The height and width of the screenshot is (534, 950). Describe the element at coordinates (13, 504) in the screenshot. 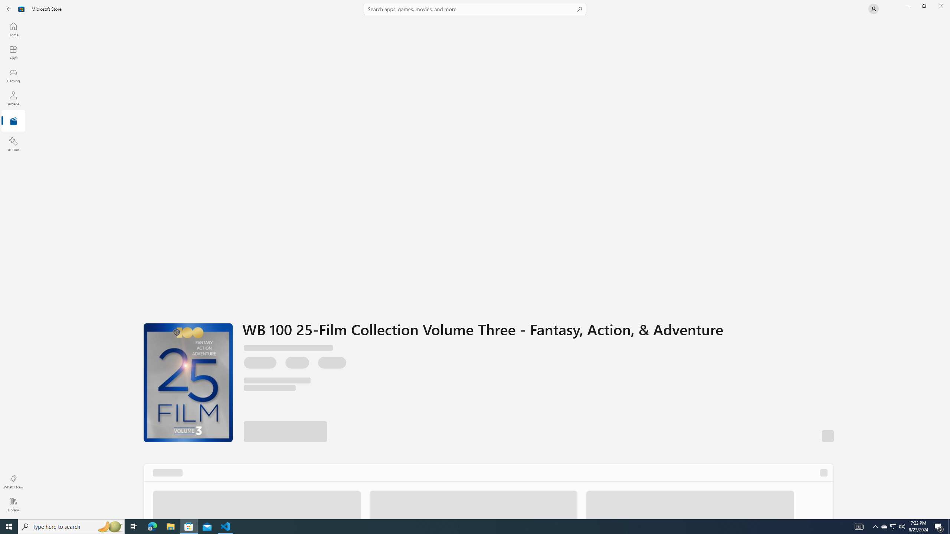

I see `'Library'` at that location.